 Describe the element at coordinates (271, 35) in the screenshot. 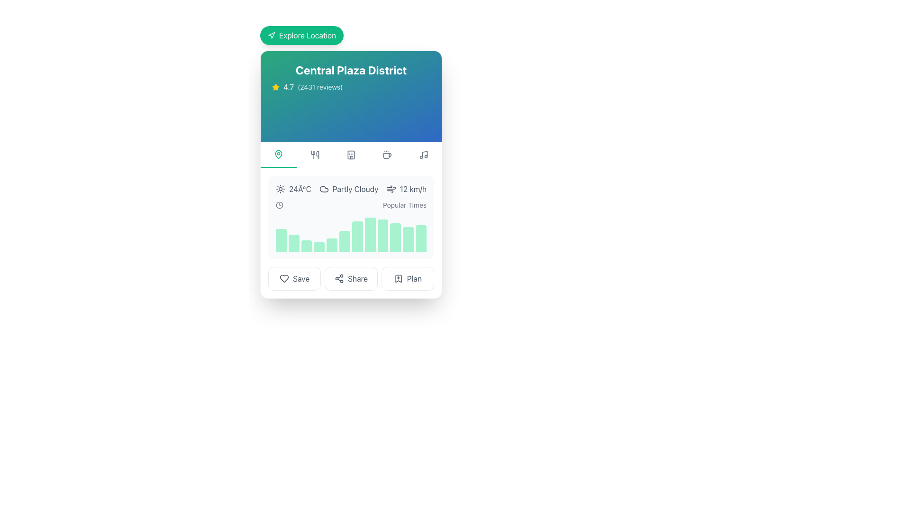

I see `the small triangular navigation pointer icon located at the top-left side of the card component, adjacent to the green 'Explore Location' button` at that location.